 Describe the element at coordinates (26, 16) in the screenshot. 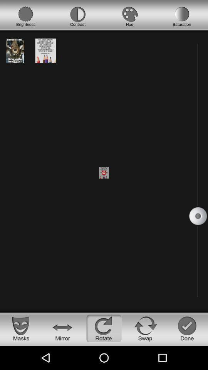

I see `open brightness setting` at that location.